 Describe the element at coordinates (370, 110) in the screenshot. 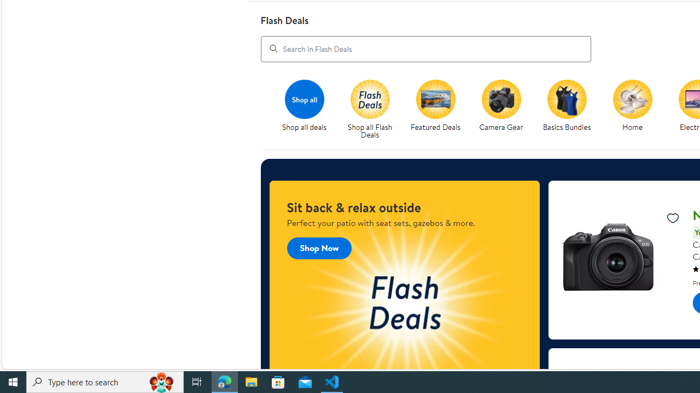

I see `'Flash Deals Shop all Flash Deals'` at that location.